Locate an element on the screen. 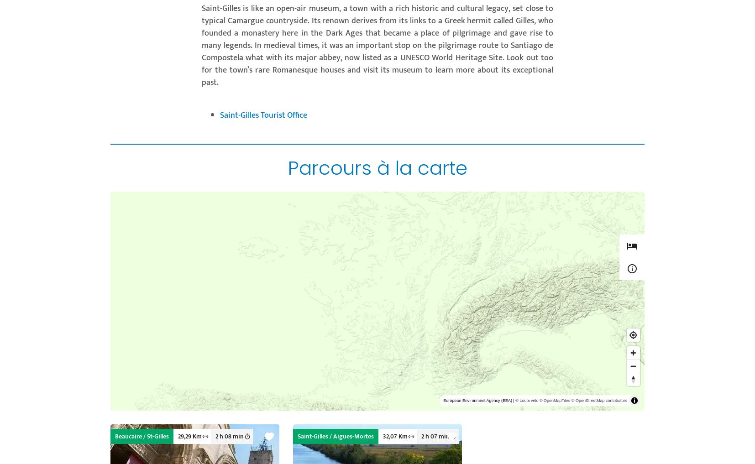 This screenshot has height=464, width=755. '32,07 Km' is located at coordinates (383, 436).